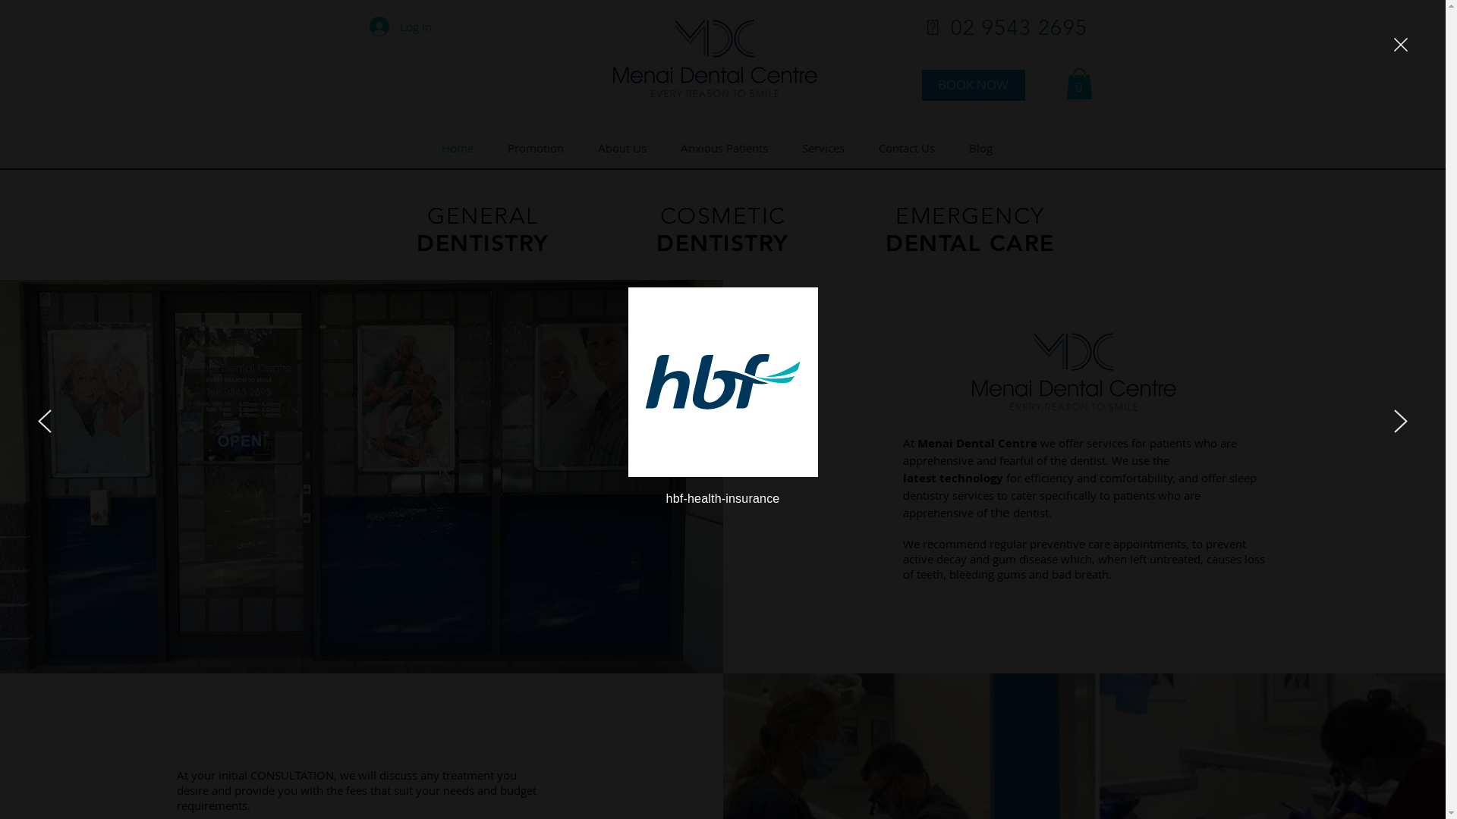  Describe the element at coordinates (1078, 84) in the screenshot. I see `'0'` at that location.